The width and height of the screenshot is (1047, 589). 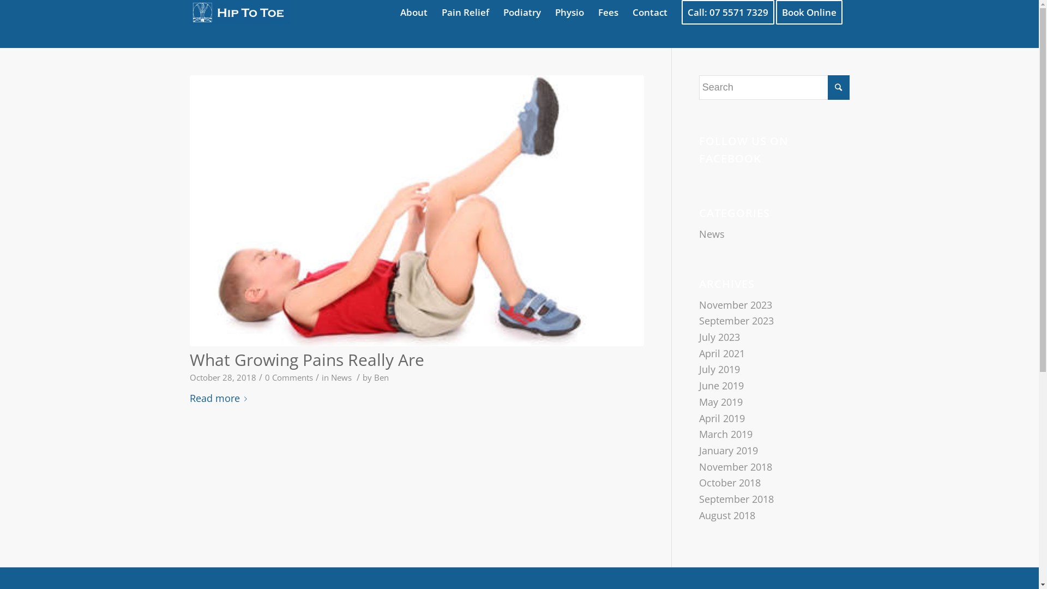 What do you see at coordinates (288, 376) in the screenshot?
I see `'0 Comments'` at bounding box center [288, 376].